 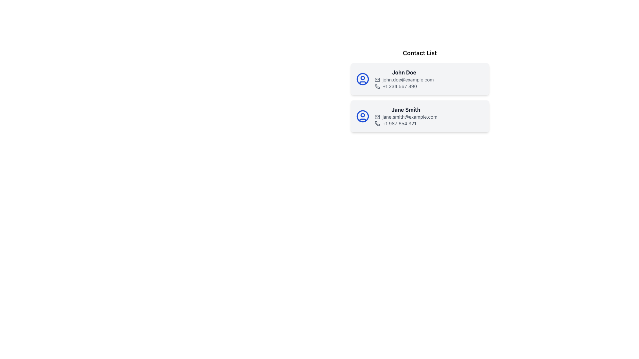 I want to click on the static text element displaying the phone number for 'John Doe', located at the bottom of the contact card, so click(x=404, y=86).